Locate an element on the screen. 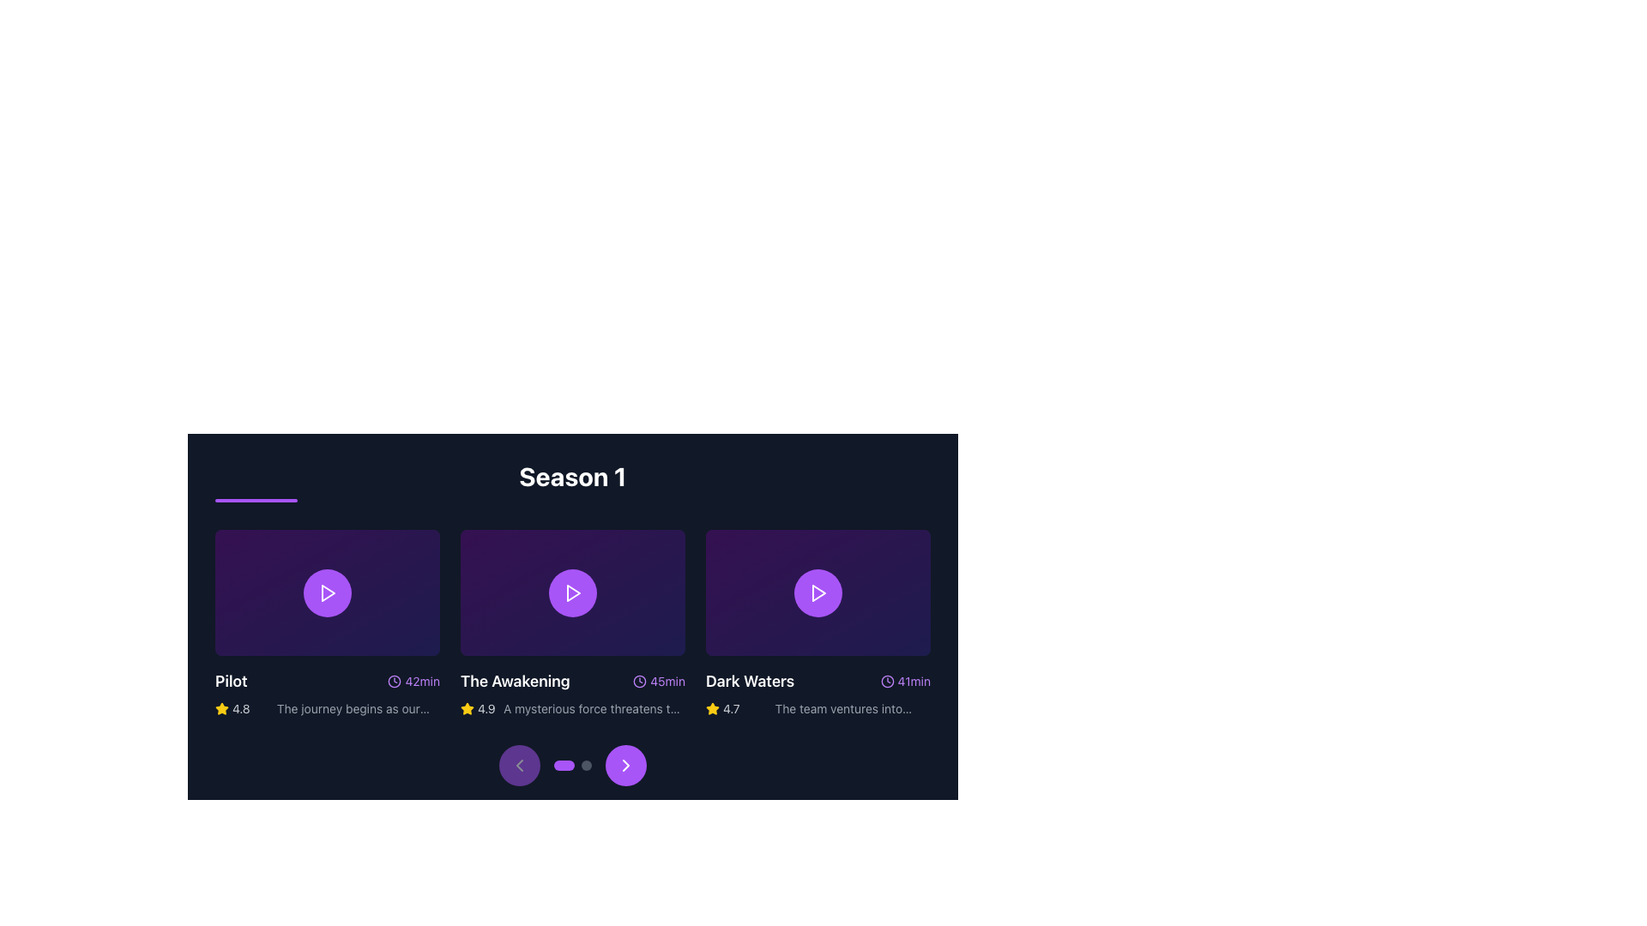  the small yellow star icon filled with a brighter yellow, located below the title 'Pilot' and near the text '4.8', which represents a rating is located at coordinates (468, 709).